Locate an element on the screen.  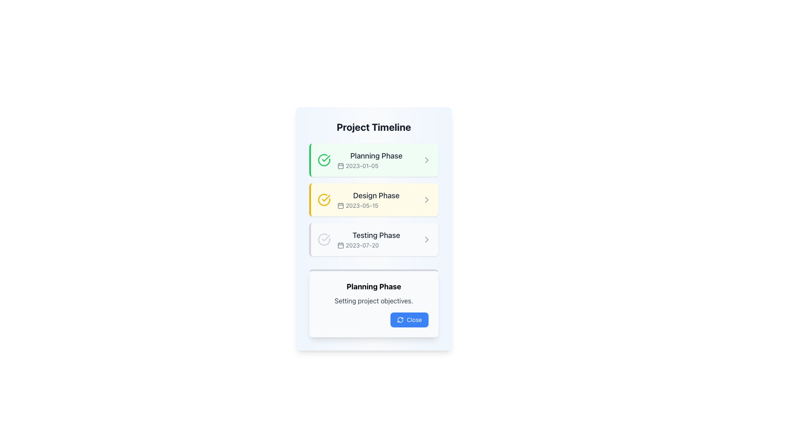
the displayed text of the informative label at the top of the project timeline interface, which indicates the name of a project phase and its associated date is located at coordinates (376, 160).